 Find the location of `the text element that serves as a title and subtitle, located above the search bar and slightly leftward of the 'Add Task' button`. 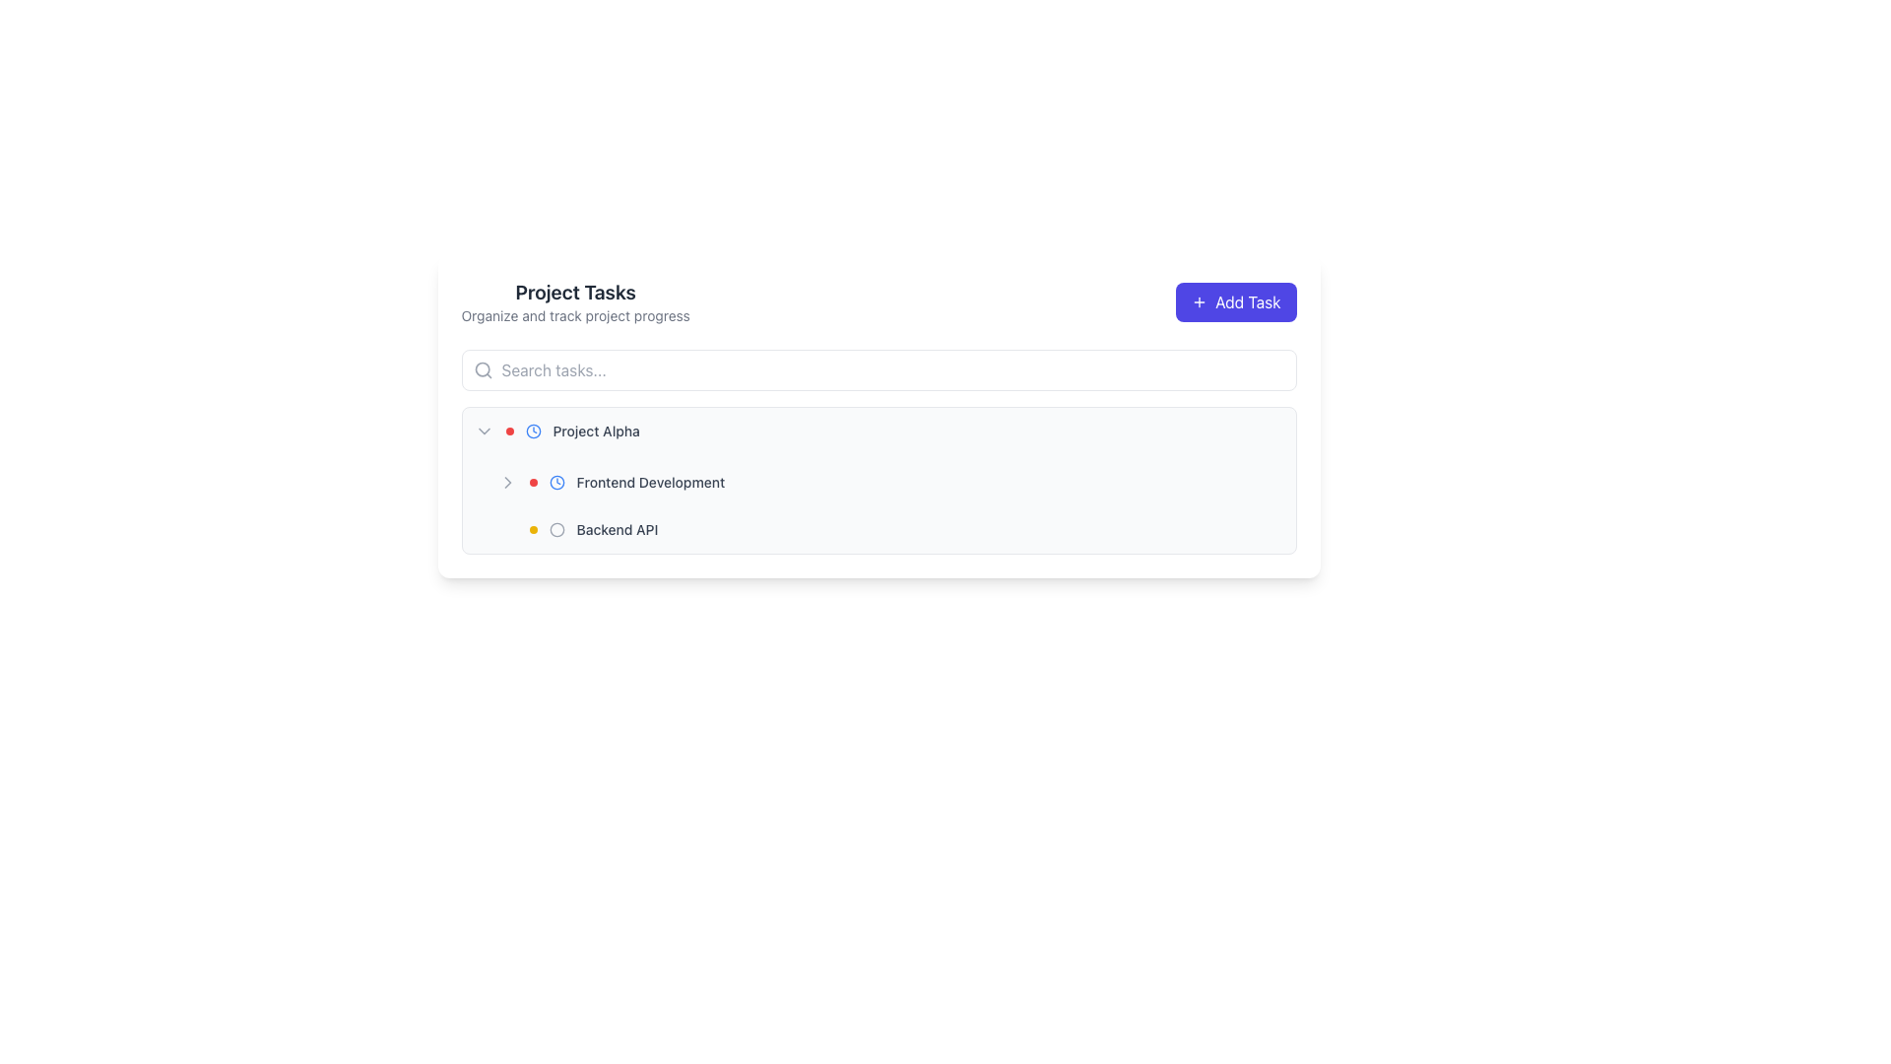

the text element that serves as a title and subtitle, located above the search bar and slightly leftward of the 'Add Task' button is located at coordinates (574, 302).